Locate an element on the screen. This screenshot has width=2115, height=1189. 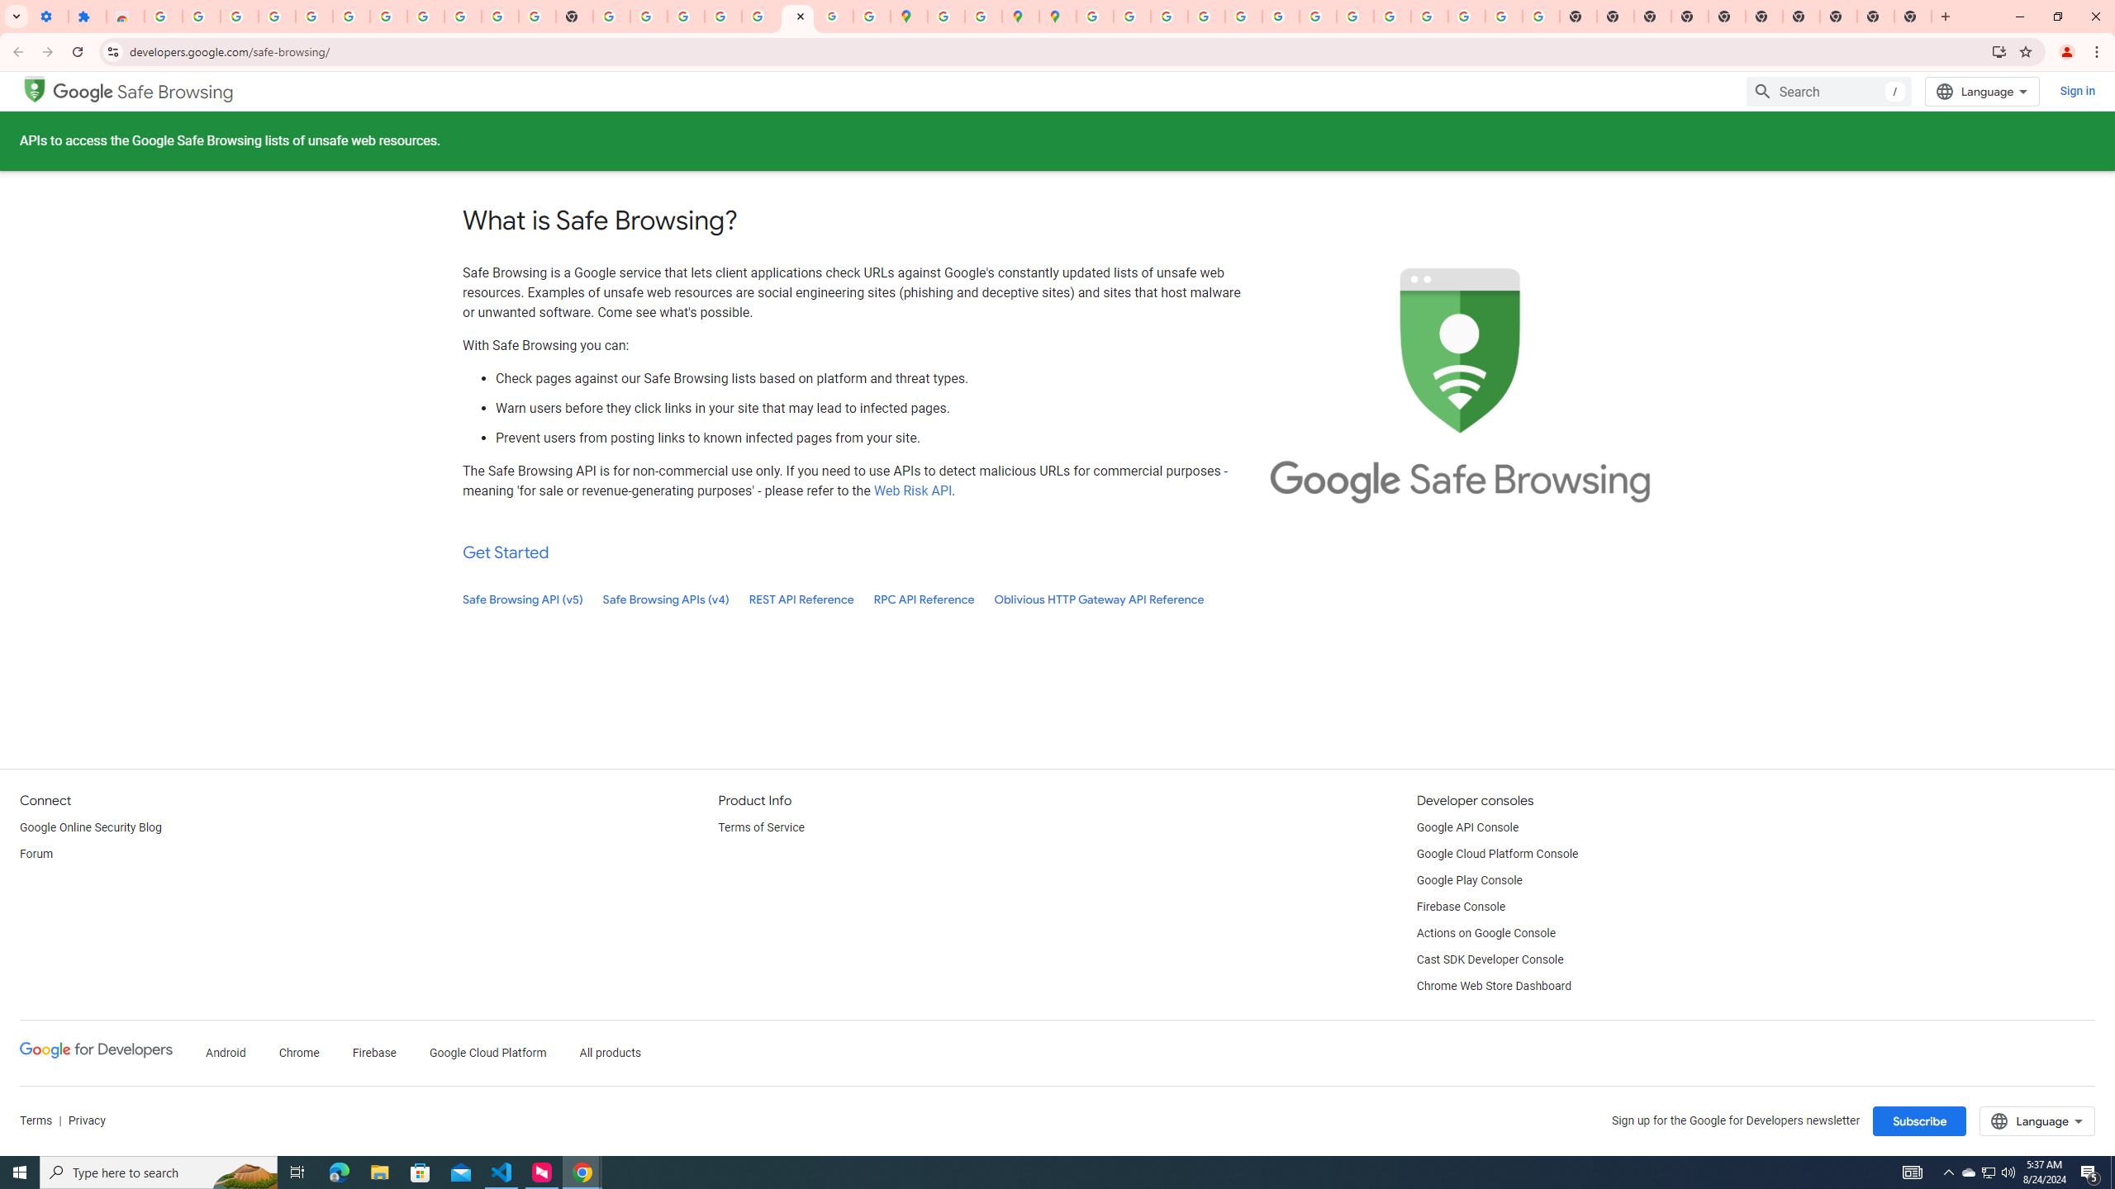
'https://scholar.google.com/' is located at coordinates (612, 16).